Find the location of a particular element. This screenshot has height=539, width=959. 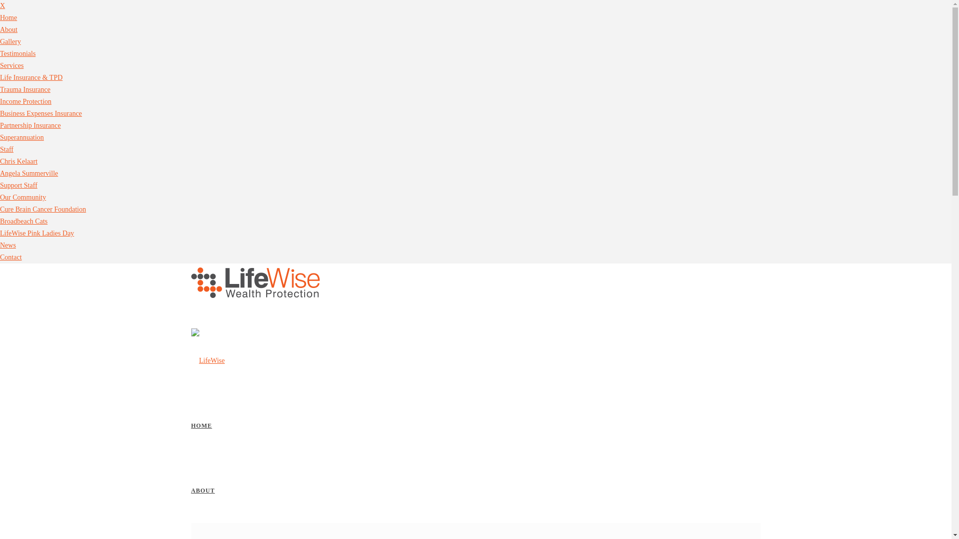

'LifeWise Pink Ladies Day' is located at coordinates (36, 233).